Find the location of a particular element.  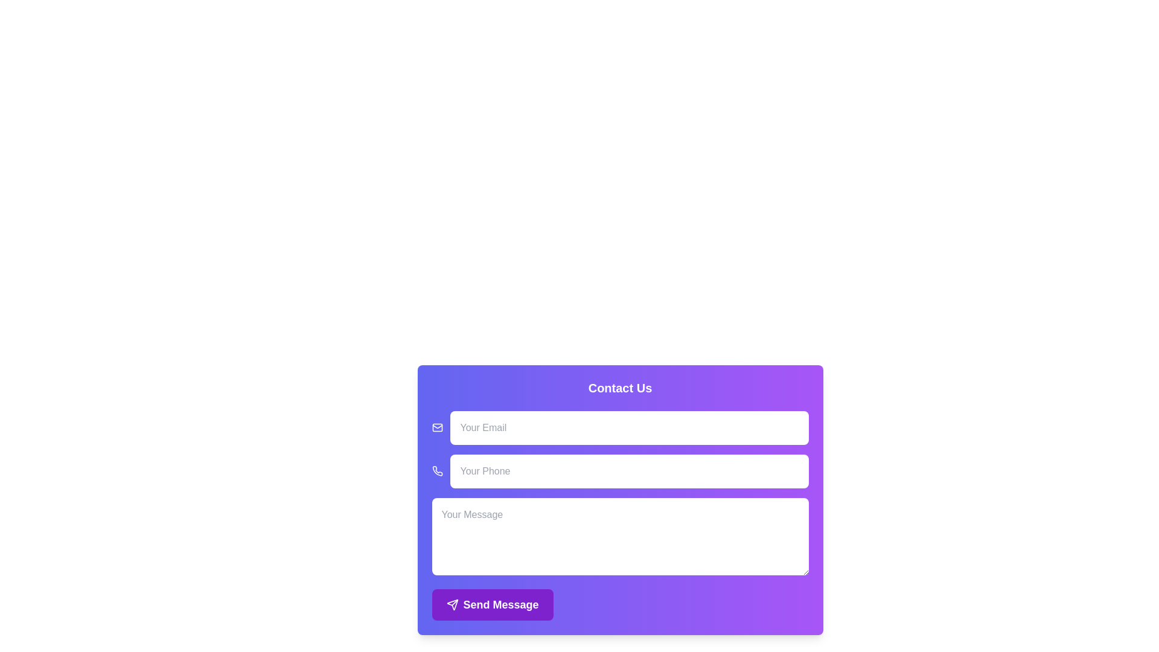

the email input icon located at the top left of the 'Contact Us' panel, which indicates the purpose of the adjacent text field for email input is located at coordinates (436, 427).